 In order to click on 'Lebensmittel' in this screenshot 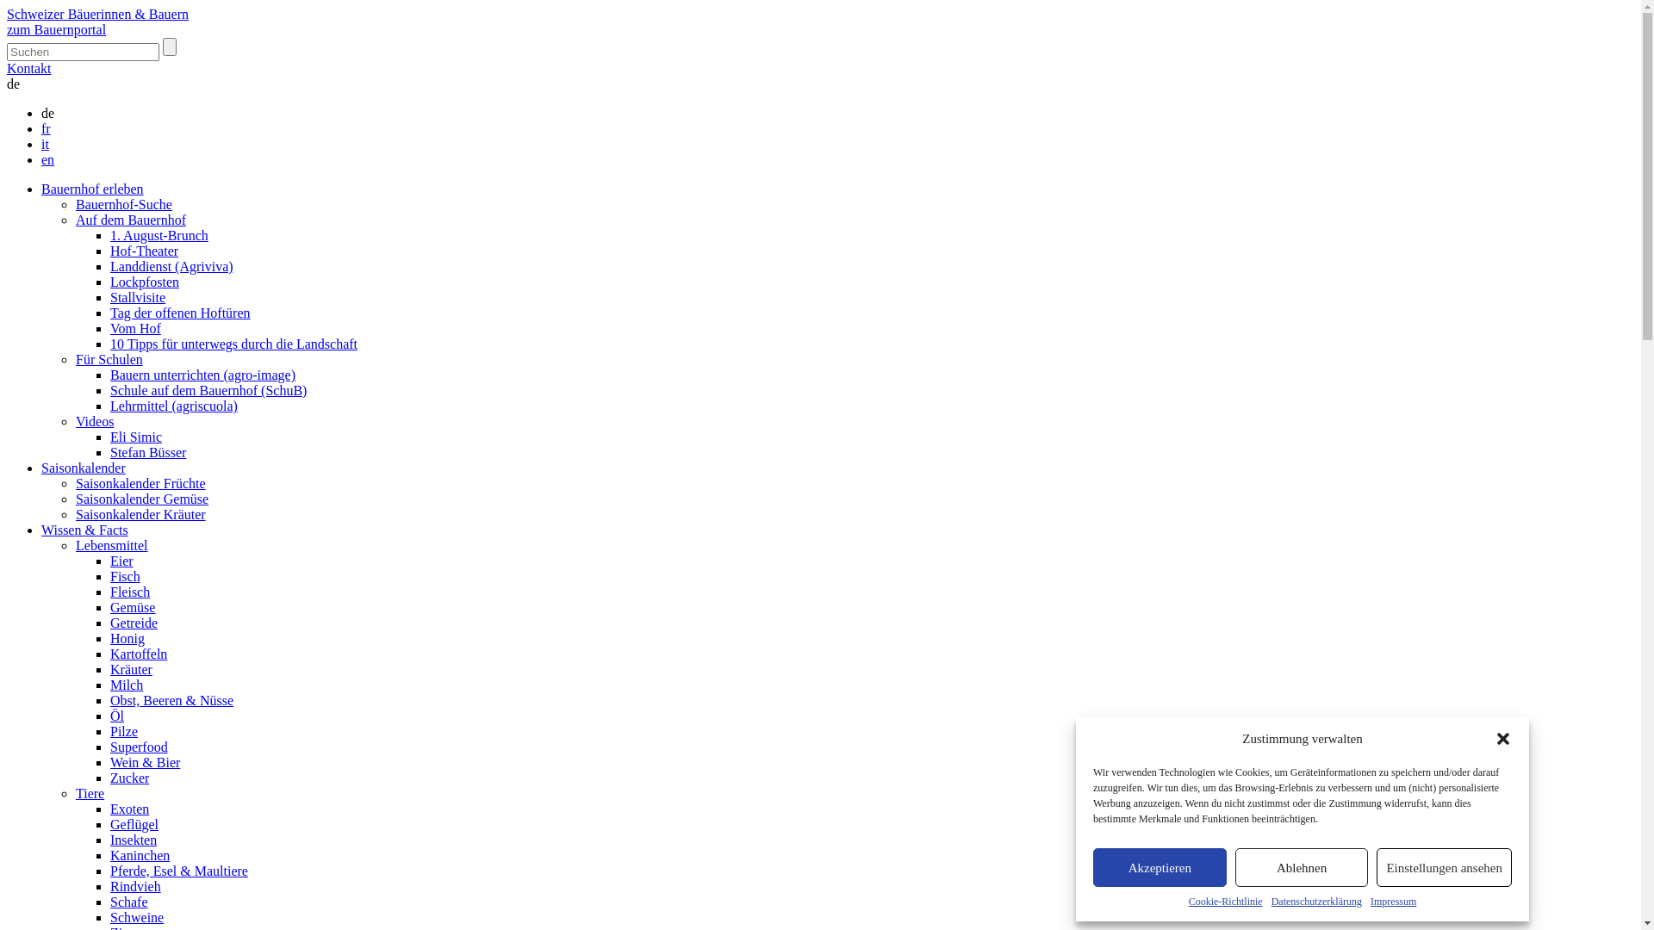, I will do `click(110, 545)`.